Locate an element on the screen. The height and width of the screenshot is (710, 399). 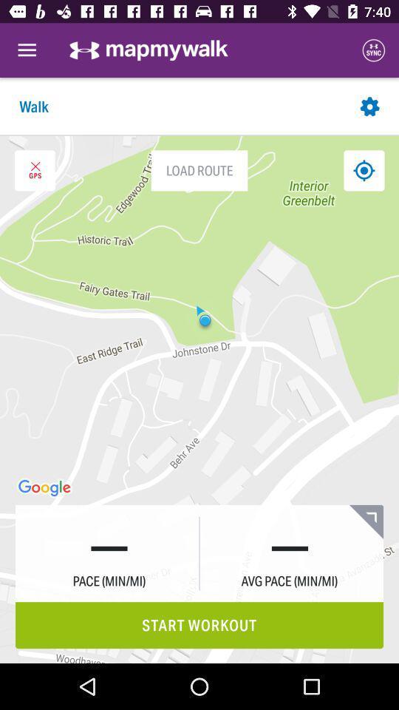
item next to load route icon is located at coordinates (363, 170).